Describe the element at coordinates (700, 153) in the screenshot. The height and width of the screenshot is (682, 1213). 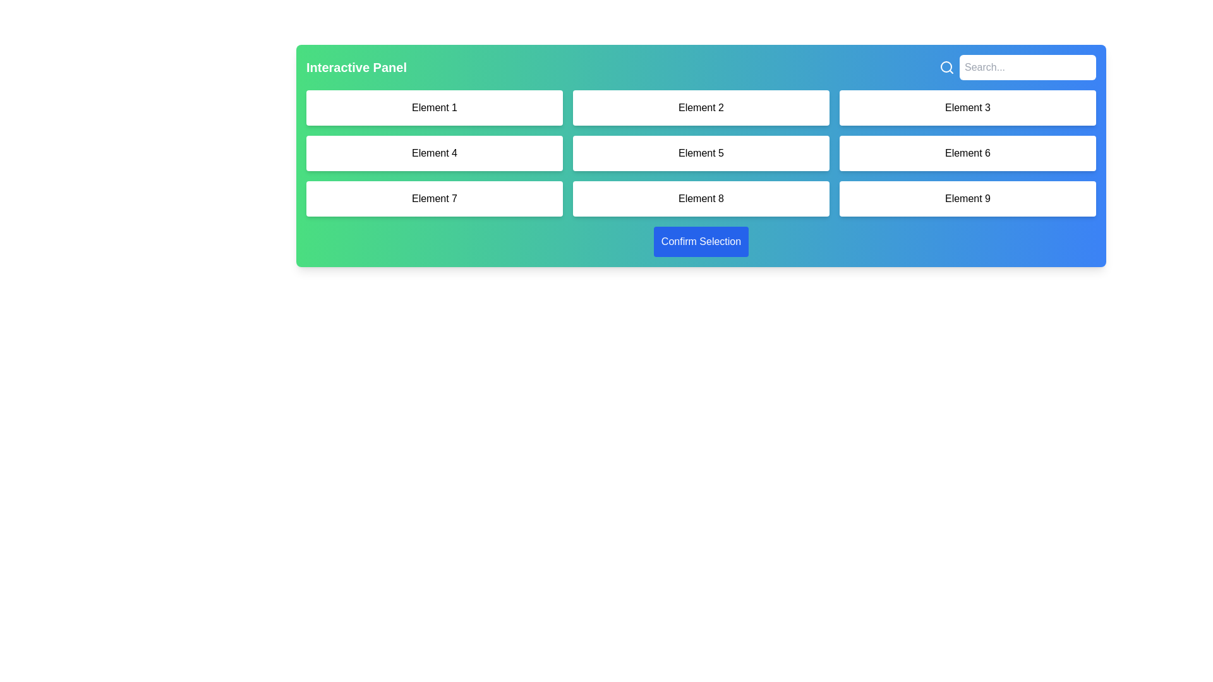
I see `the rectangular button labeled 'Element 5' with a white background and black centered text to interact` at that location.